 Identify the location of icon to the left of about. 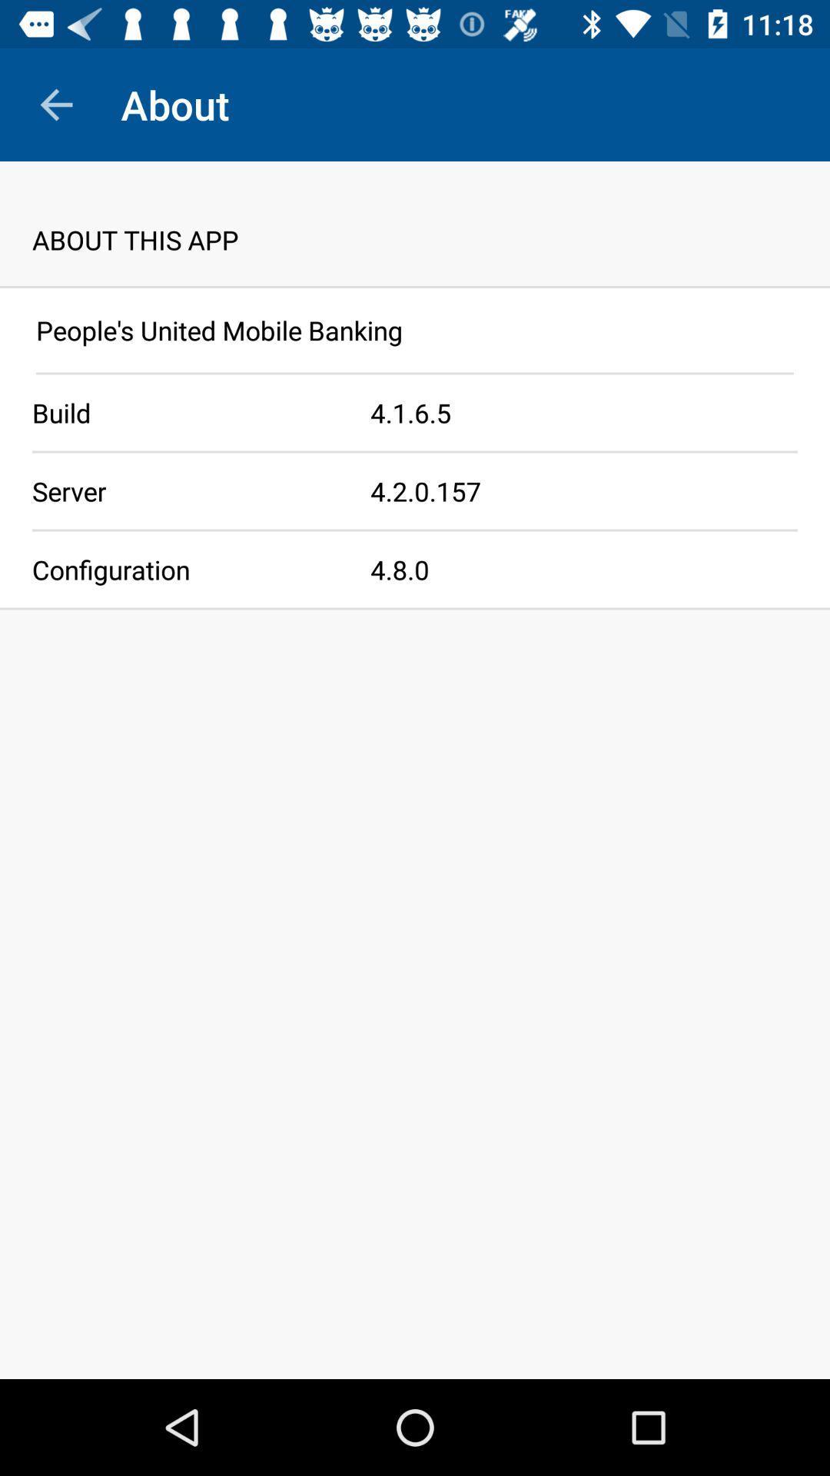
(55, 104).